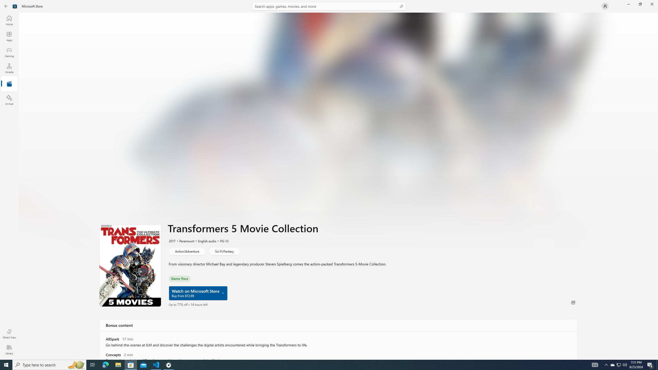  I want to click on 'English audio', so click(205, 241).